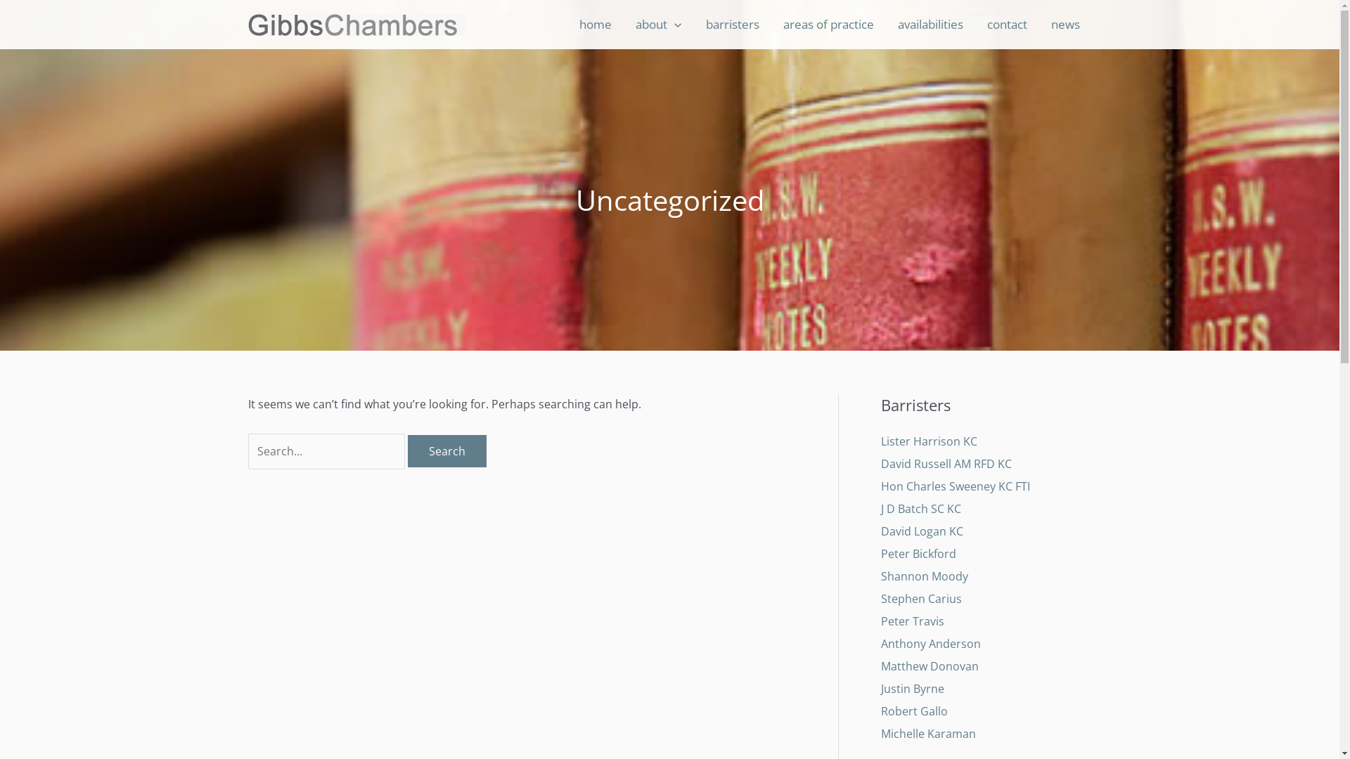 The width and height of the screenshot is (1350, 759). I want to click on 'about', so click(657, 24).